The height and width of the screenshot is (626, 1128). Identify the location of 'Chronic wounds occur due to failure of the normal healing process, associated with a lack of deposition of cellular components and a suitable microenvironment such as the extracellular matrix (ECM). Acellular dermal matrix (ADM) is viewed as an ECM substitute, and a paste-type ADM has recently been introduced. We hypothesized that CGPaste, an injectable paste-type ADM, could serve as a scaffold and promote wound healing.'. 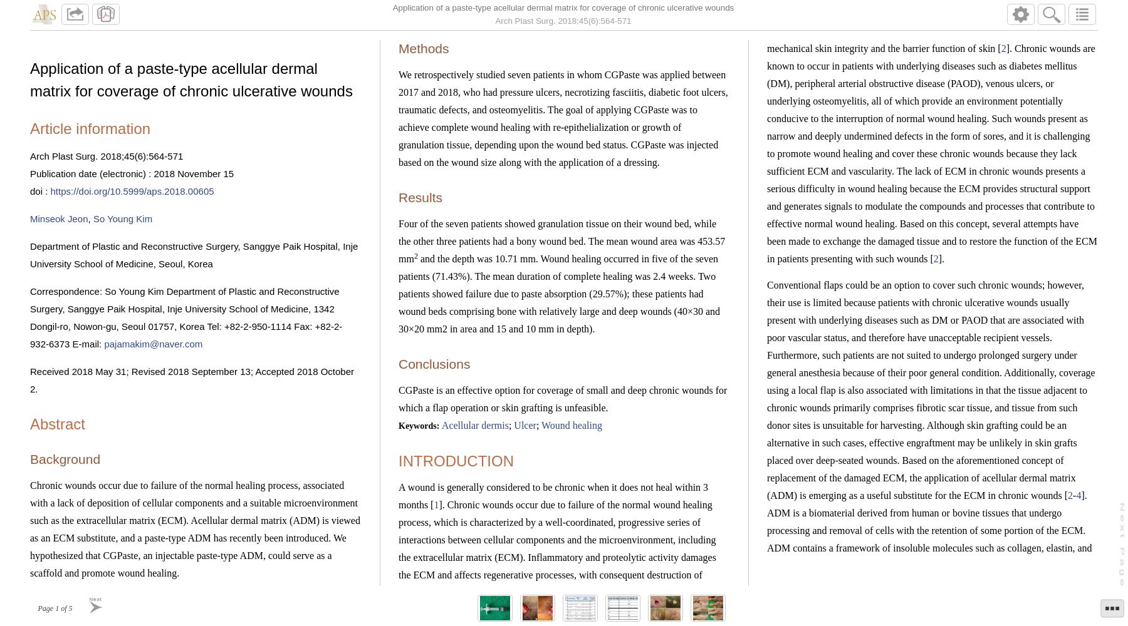
(29, 528).